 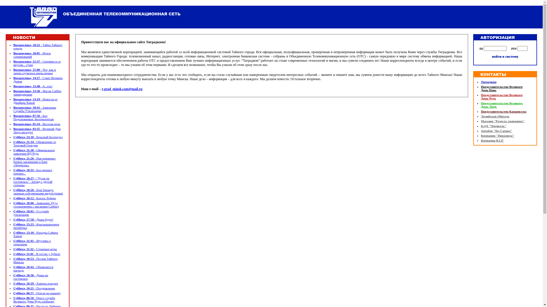 I want to click on 't-grad_minsk.com@mail.ru', so click(x=122, y=89).